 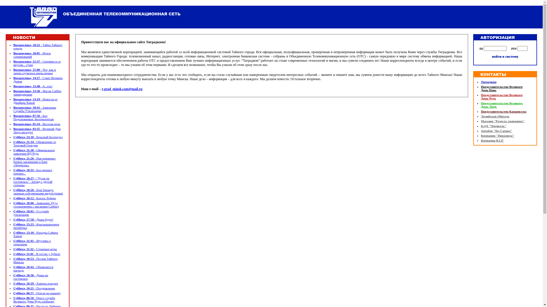 I want to click on 't-grad_minsk.com@mail.ru', so click(x=122, y=89).